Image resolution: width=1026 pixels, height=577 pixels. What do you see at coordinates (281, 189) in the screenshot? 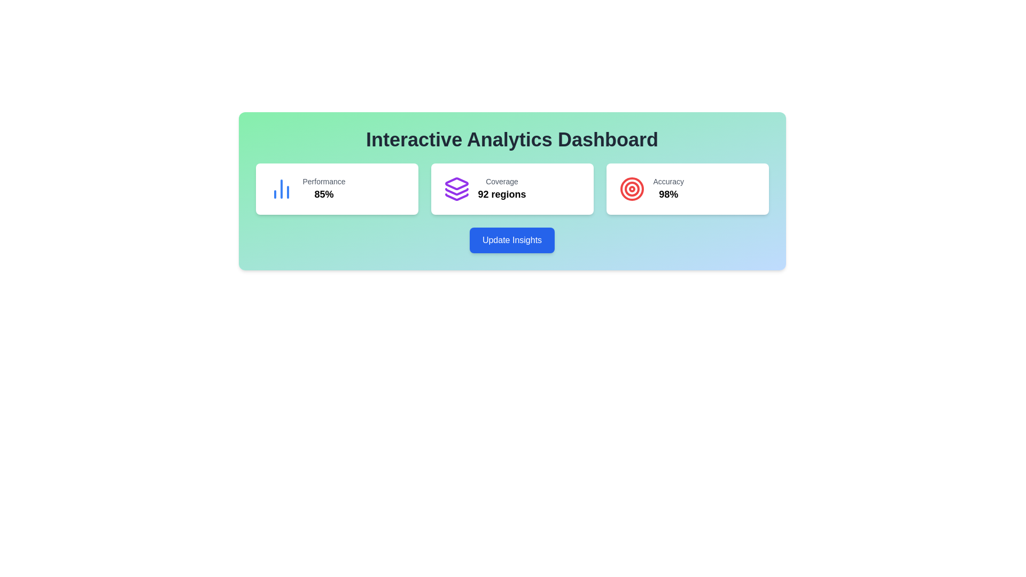
I see `the Icon (SVG chart graphic) displaying a miniature bar chart with three vertical bars styled in blue, located within the leftmost card labeled 'Performance' and '85%'` at bounding box center [281, 189].